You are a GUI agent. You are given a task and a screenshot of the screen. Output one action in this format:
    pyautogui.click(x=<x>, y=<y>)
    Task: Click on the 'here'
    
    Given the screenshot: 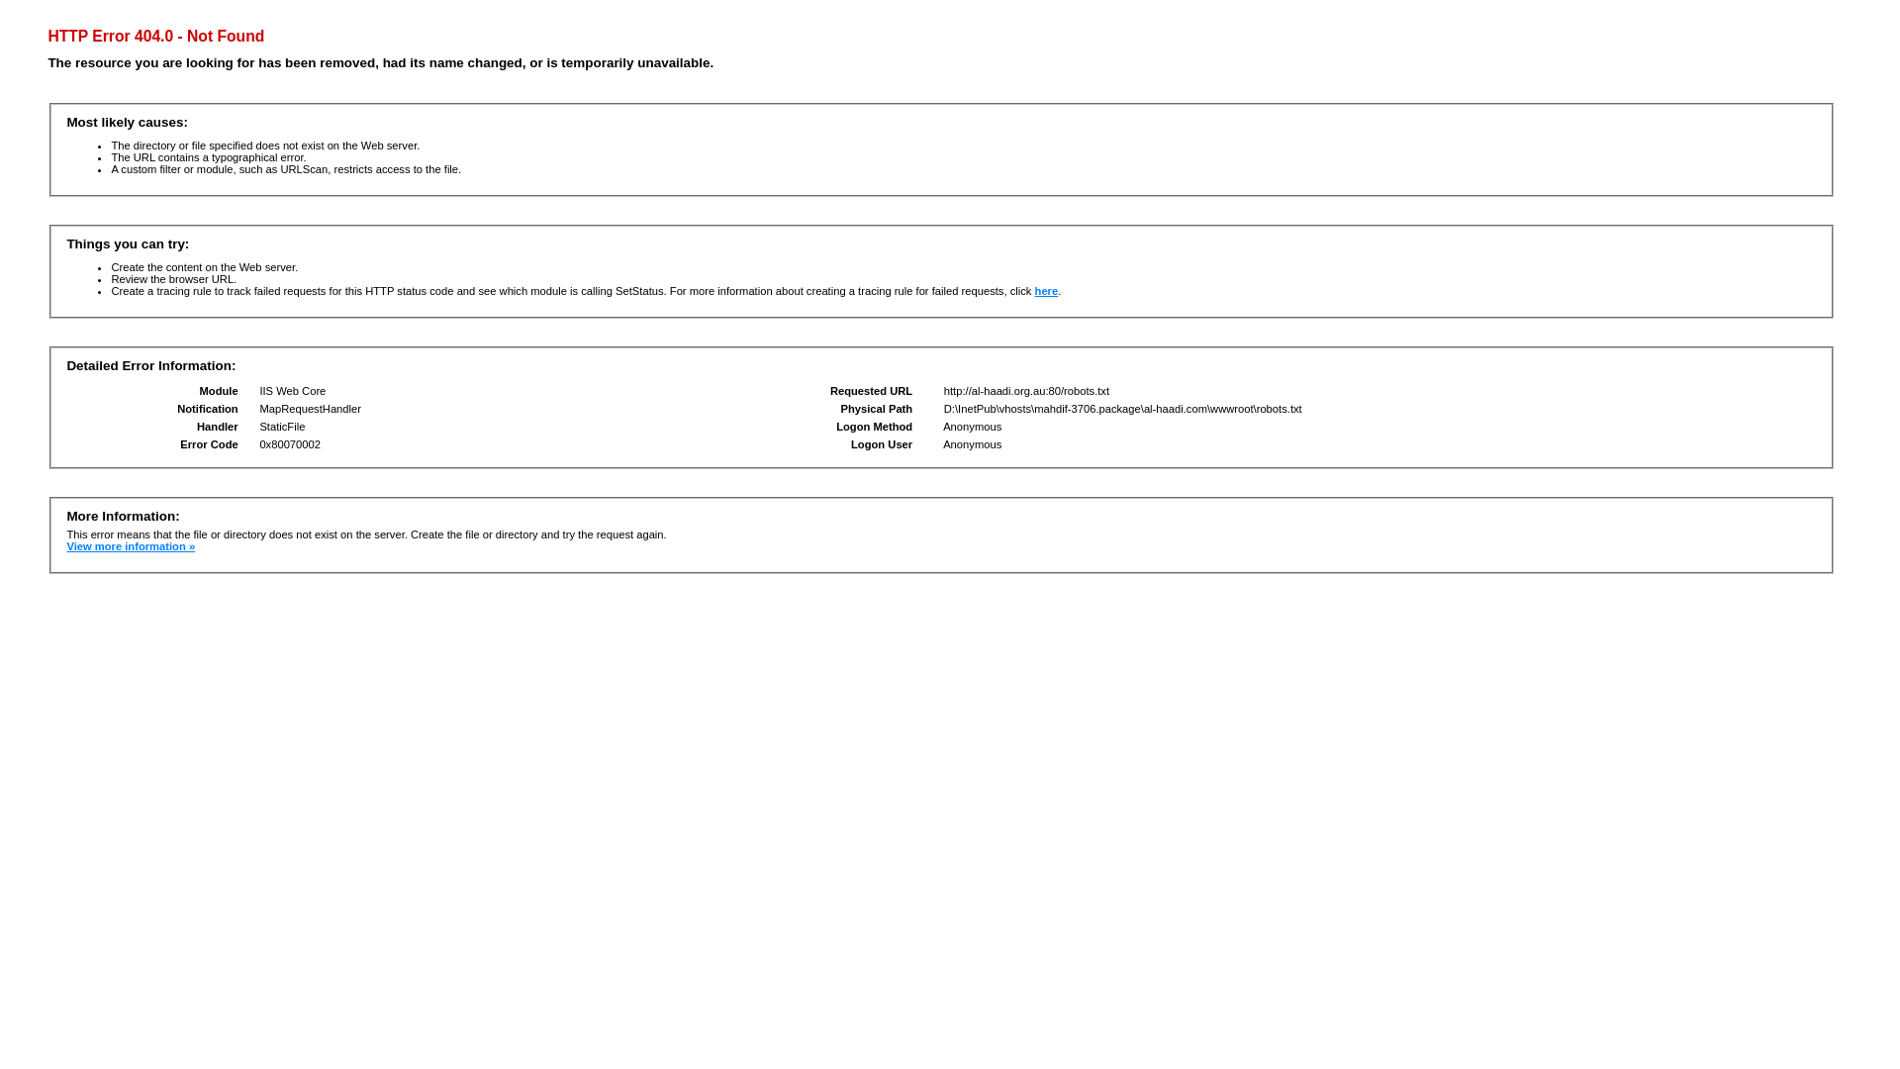 What is the action you would take?
    pyautogui.click(x=1045, y=290)
    